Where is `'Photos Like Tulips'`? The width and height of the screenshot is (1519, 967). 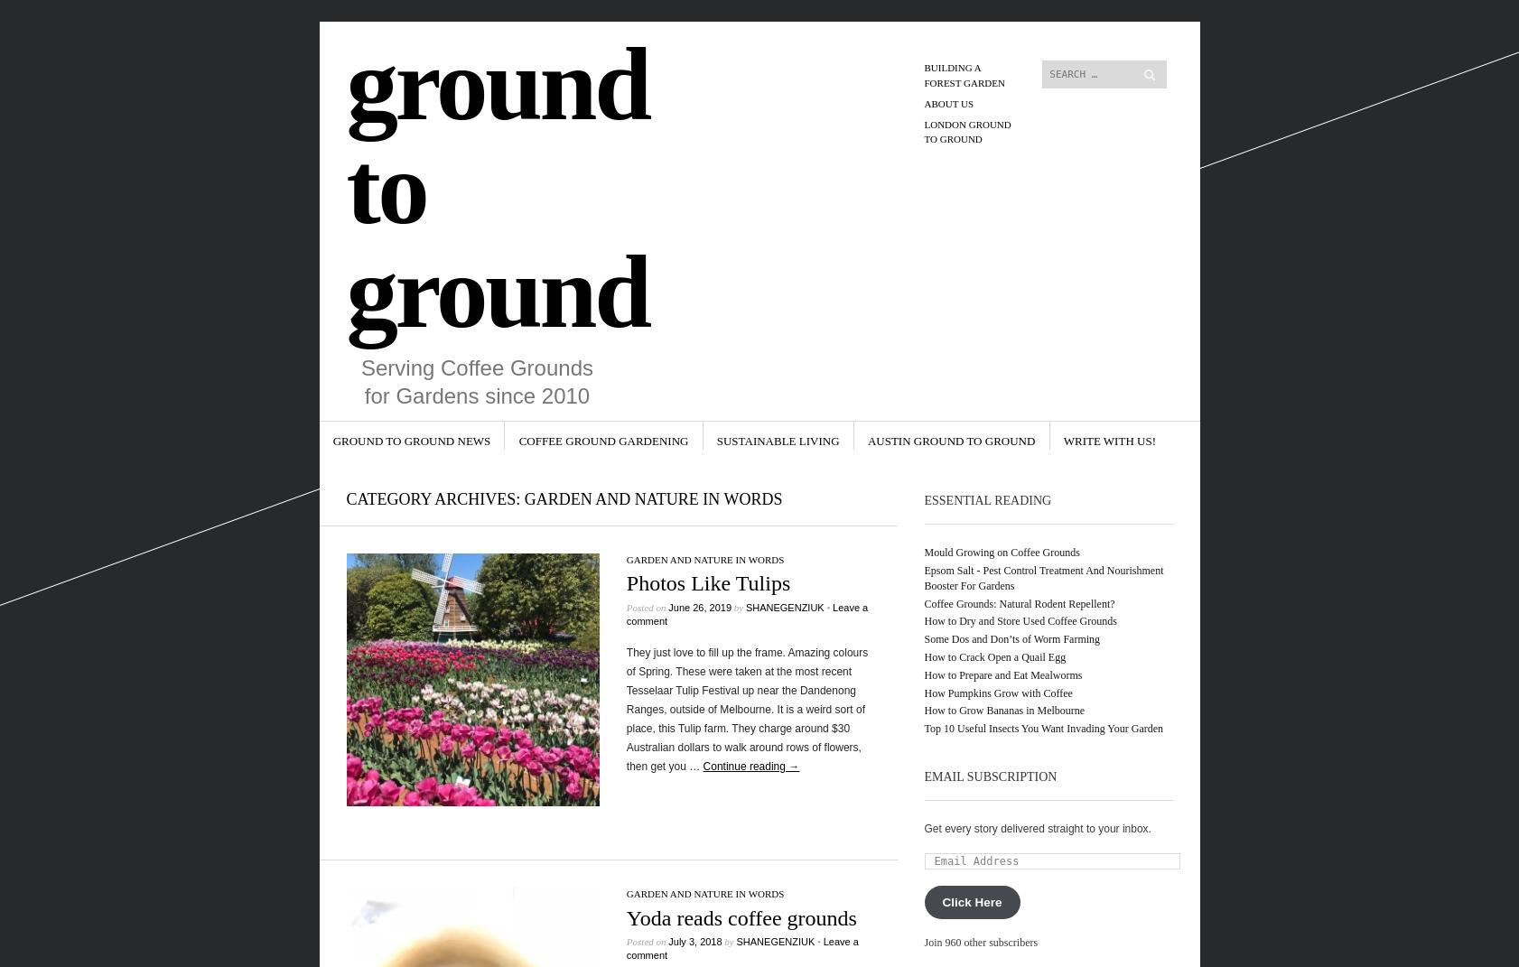
'Photos Like Tulips' is located at coordinates (707, 582).